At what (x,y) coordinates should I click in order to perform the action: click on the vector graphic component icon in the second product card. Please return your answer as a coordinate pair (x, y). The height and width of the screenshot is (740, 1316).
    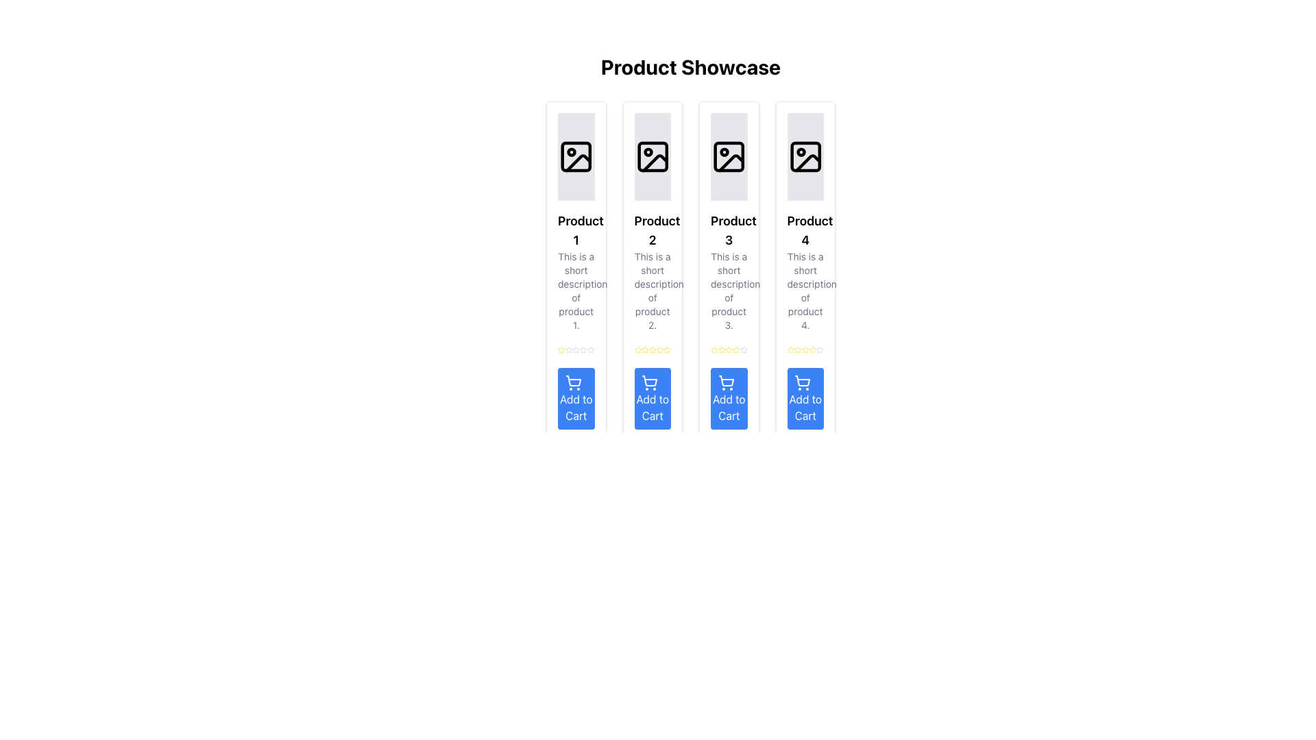
    Looking at the image, I should click on (654, 162).